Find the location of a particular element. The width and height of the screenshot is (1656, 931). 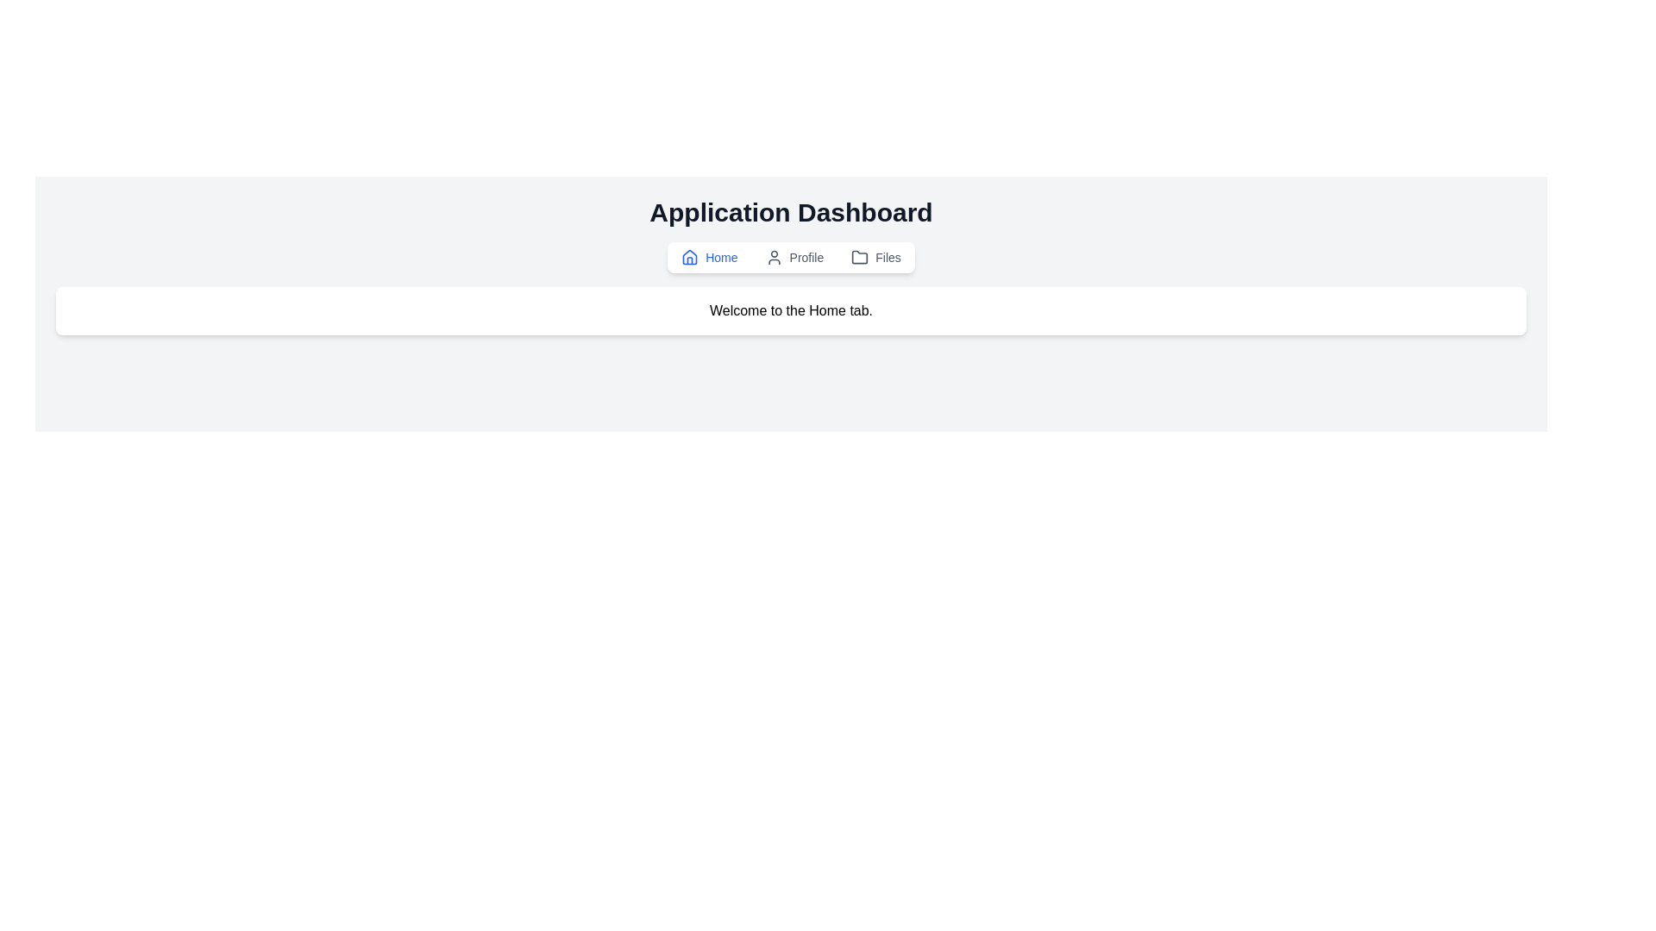

the blue house icon located at the top left of the 'Home' button in the 'Application Dashboard' navigation bar is located at coordinates (690, 258).